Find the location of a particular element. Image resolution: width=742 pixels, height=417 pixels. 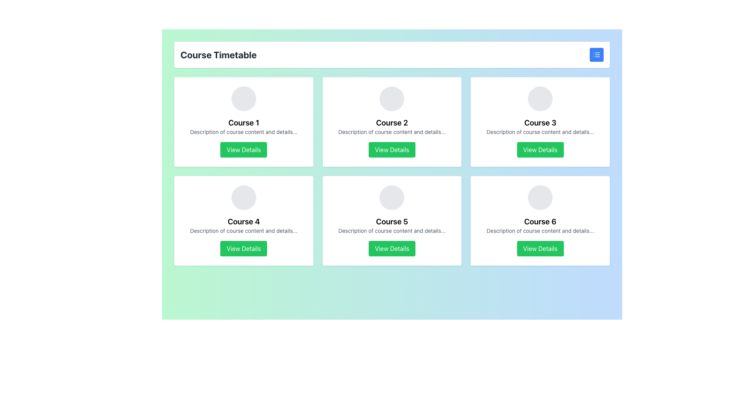

the bold, black text label displaying 'Course 2' in the top middle card of the grid layout is located at coordinates (392, 122).